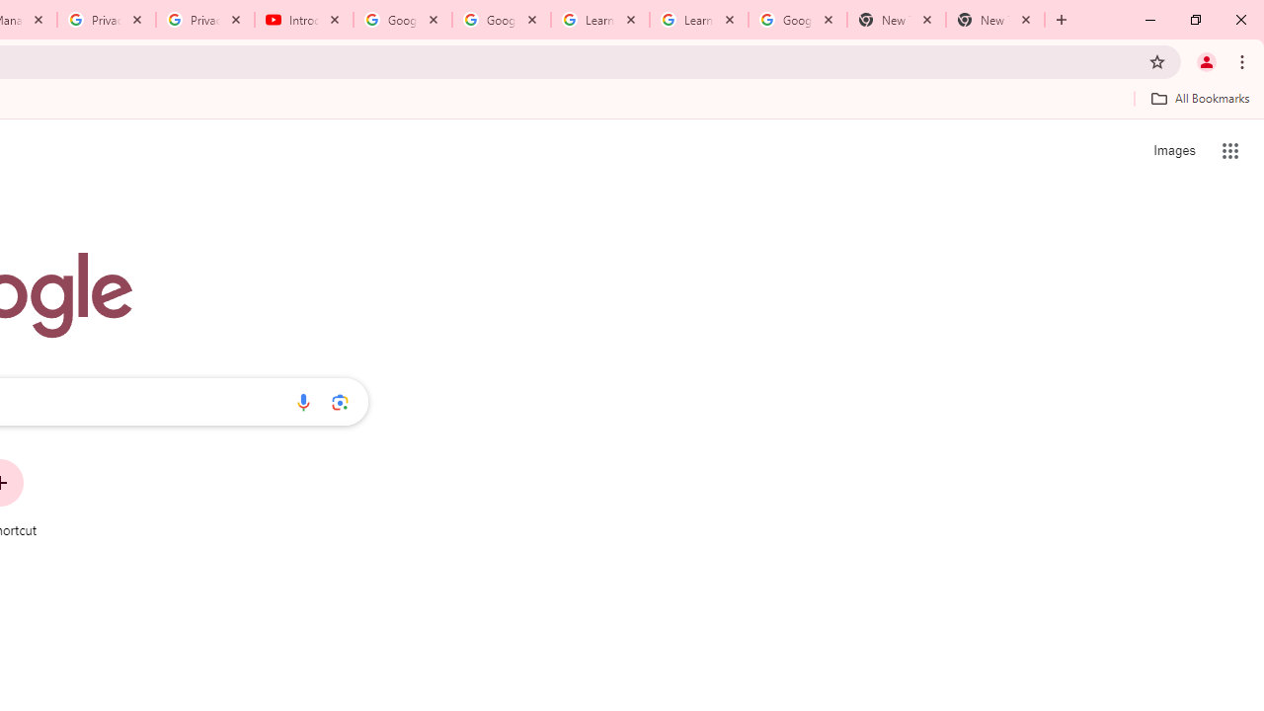 This screenshot has height=711, width=1264. Describe the element at coordinates (302, 401) in the screenshot. I see `'Search by voice'` at that location.